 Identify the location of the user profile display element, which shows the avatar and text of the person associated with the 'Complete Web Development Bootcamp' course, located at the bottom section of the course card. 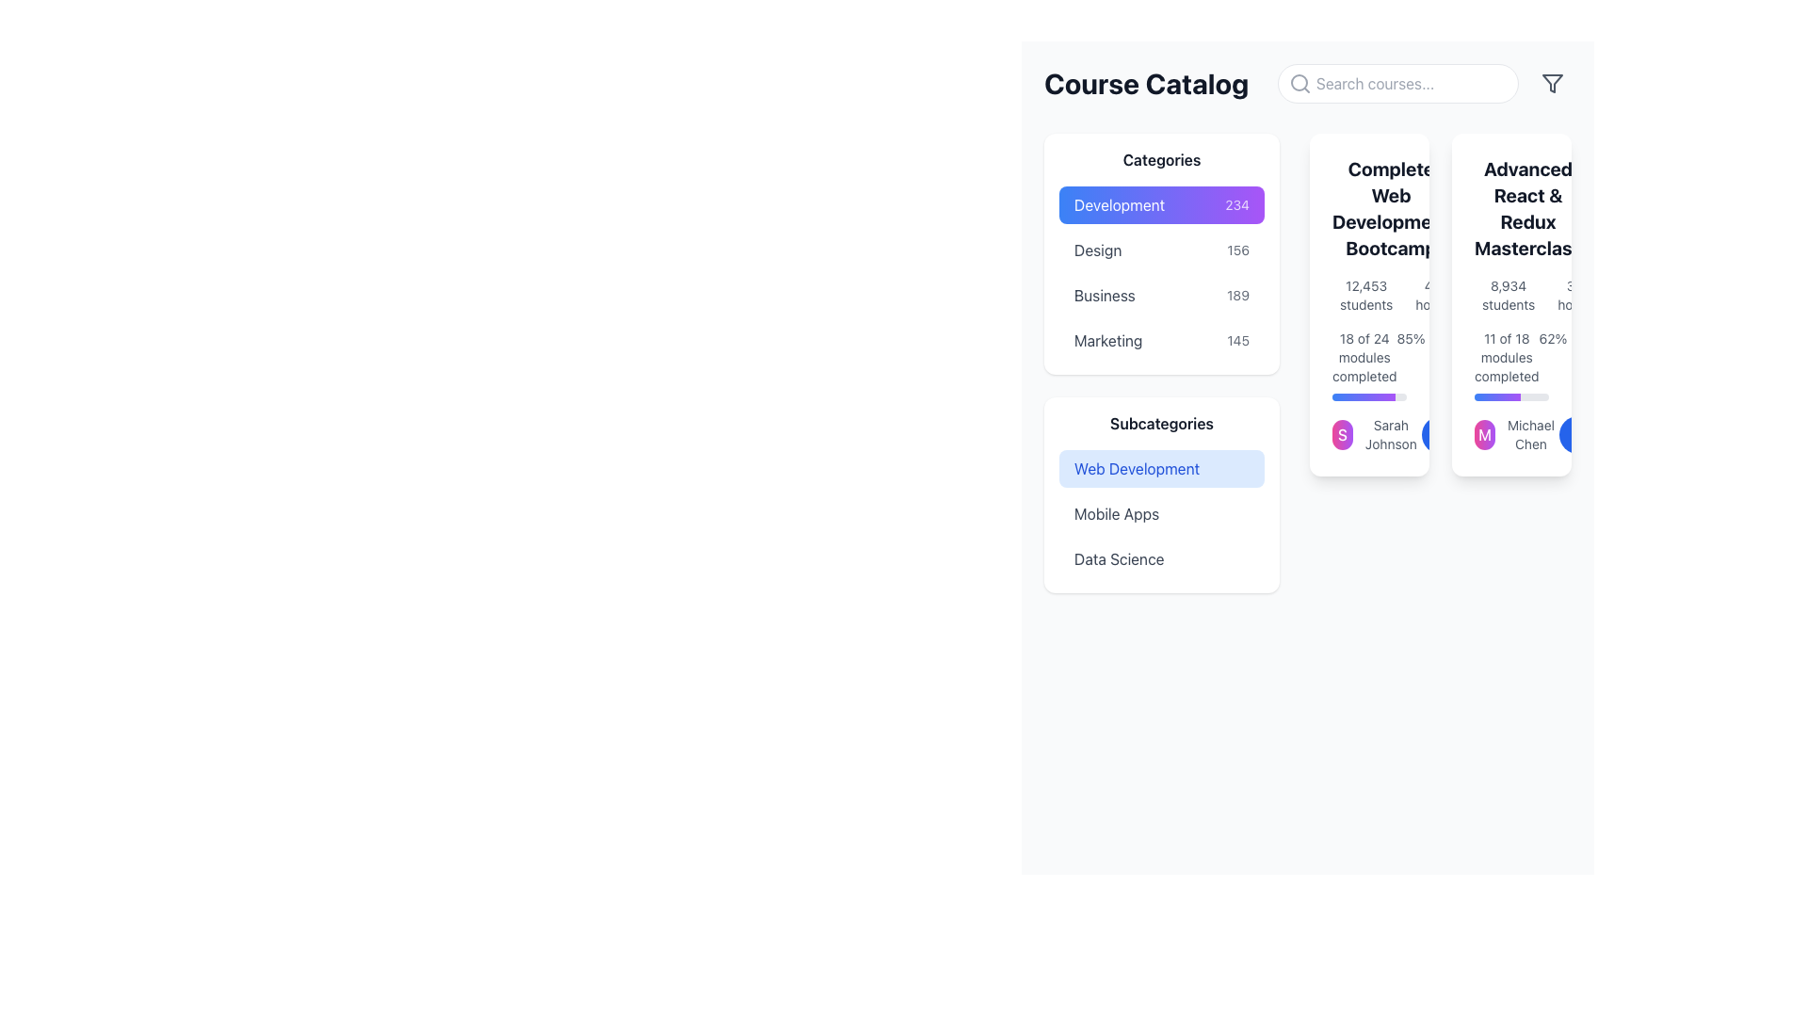
(1369, 435).